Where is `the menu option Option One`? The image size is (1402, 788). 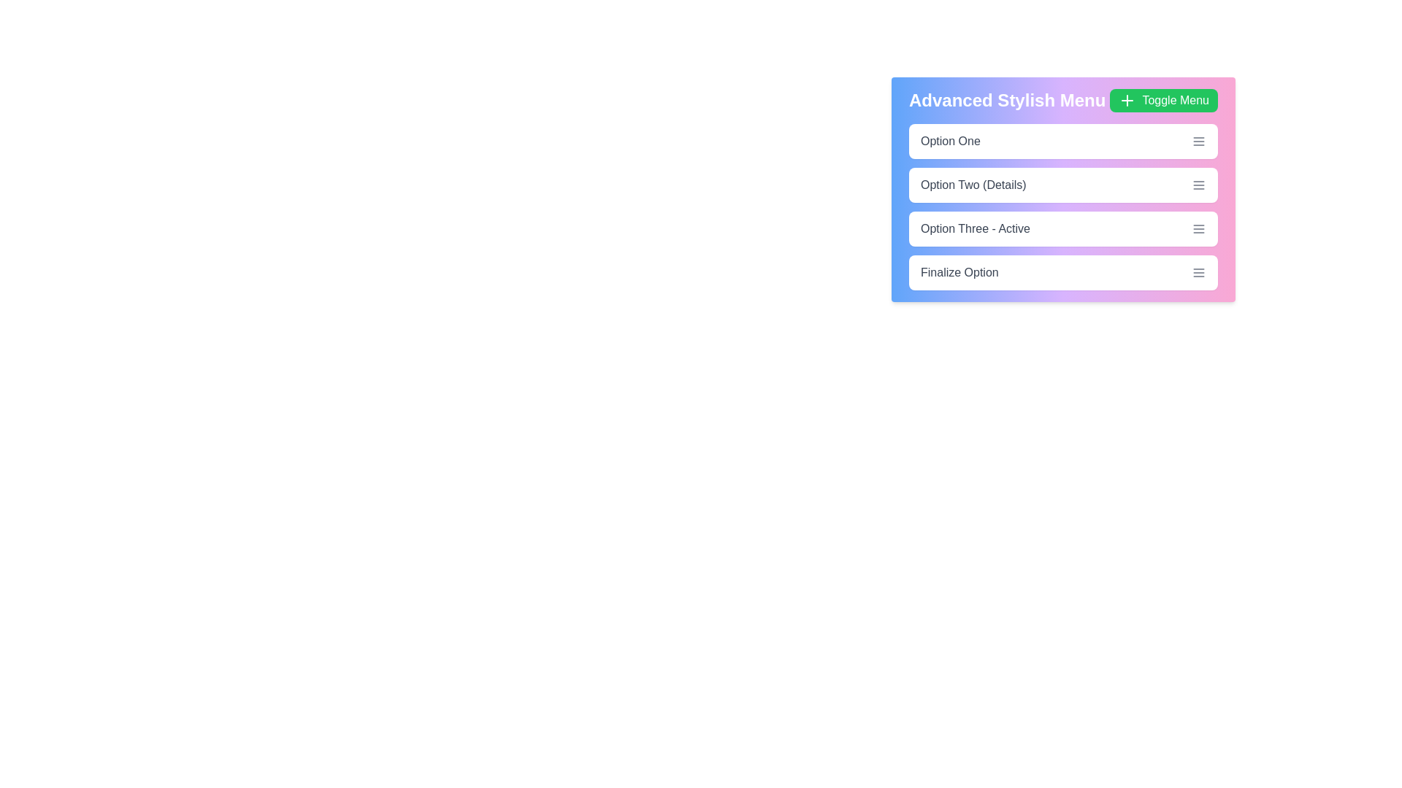 the menu option Option One is located at coordinates (1063, 141).